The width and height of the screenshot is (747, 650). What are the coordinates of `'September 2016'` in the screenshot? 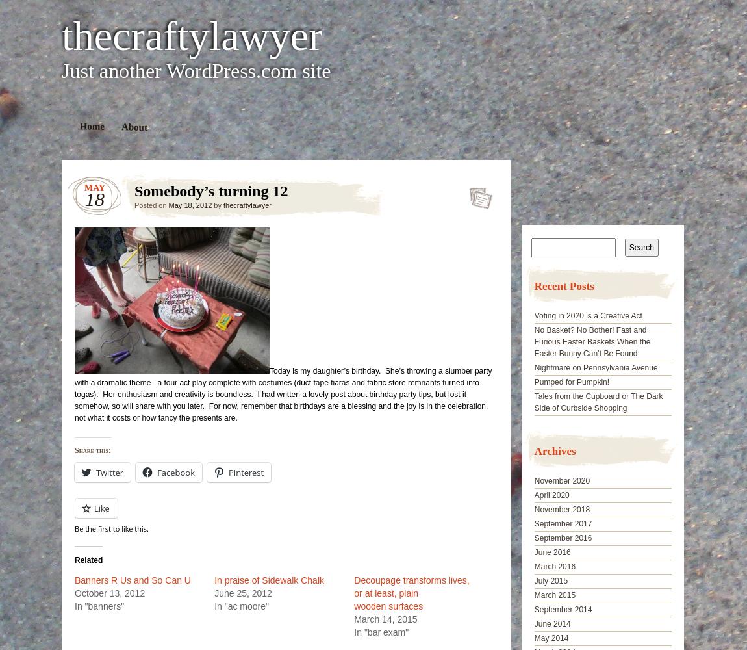 It's located at (563, 538).